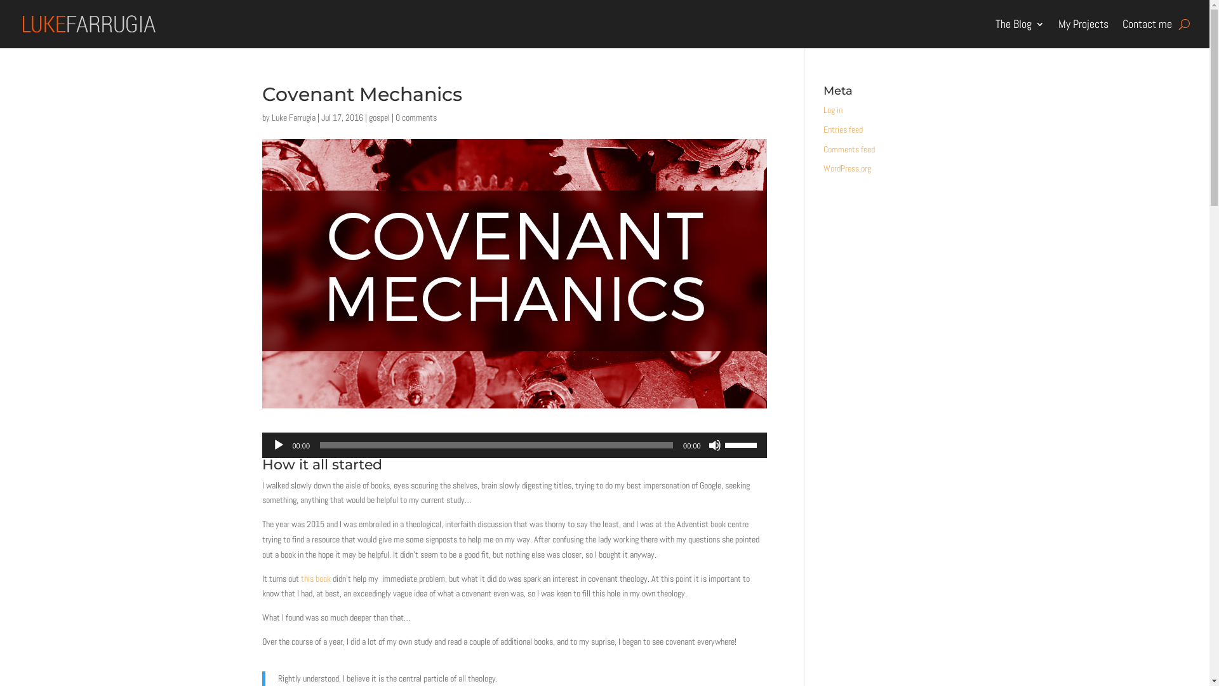  What do you see at coordinates (378, 118) in the screenshot?
I see `'gospel'` at bounding box center [378, 118].